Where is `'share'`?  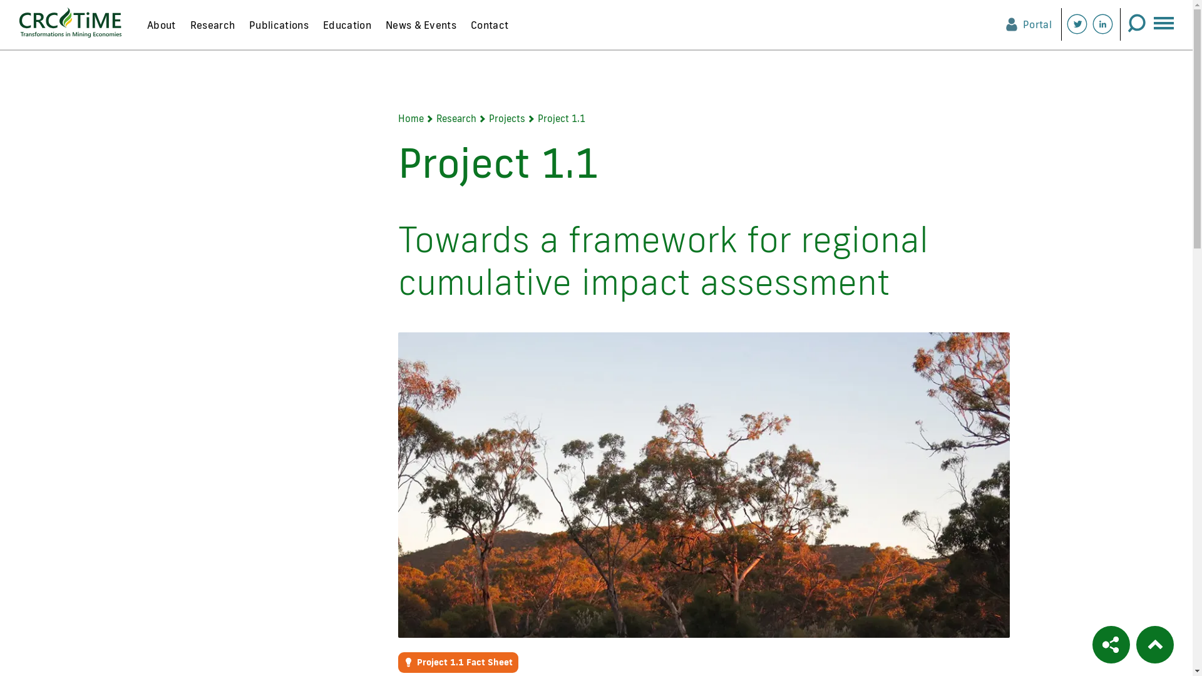 'share' is located at coordinates (1092, 644).